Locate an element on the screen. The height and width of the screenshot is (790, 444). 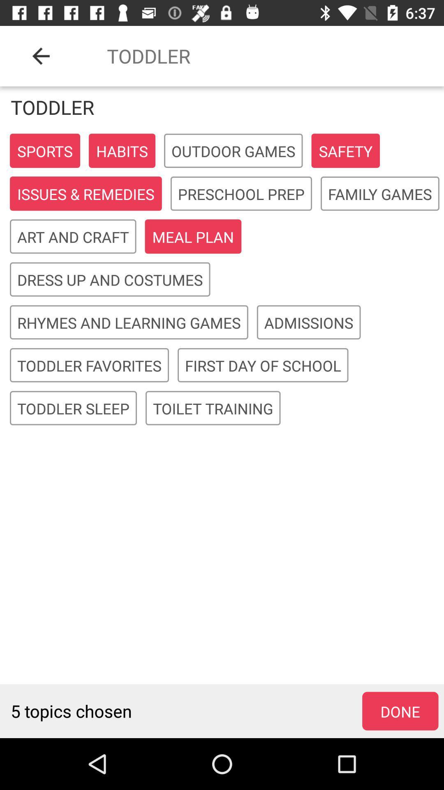
the item above dress up and is located at coordinates (193, 237).